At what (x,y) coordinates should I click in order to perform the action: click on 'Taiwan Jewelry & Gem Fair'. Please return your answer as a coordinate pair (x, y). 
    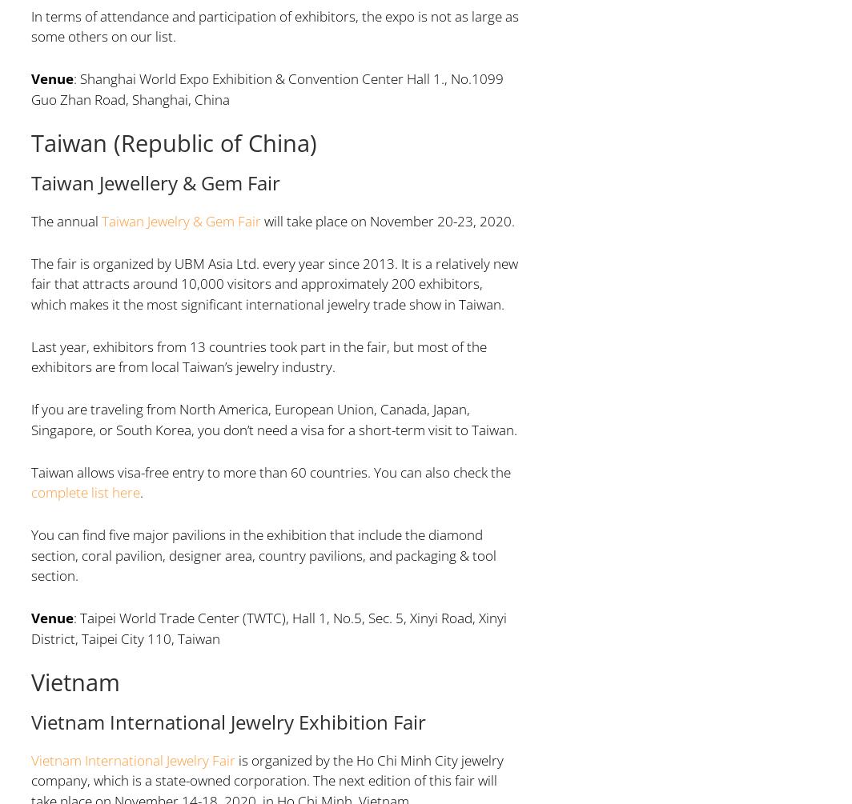
    Looking at the image, I should click on (180, 219).